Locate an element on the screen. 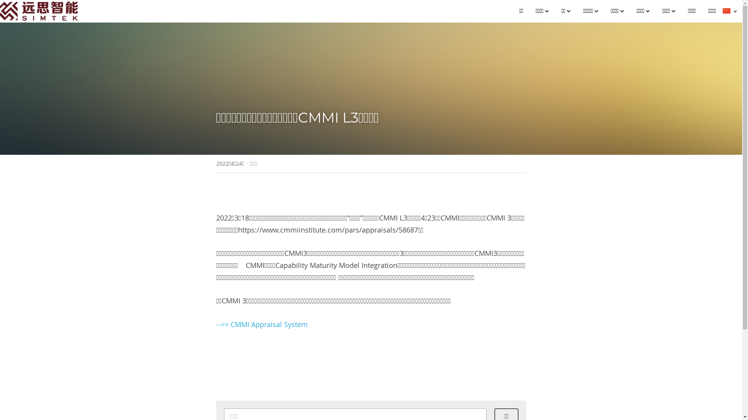 This screenshot has height=420, width=748. '-->> CMMI Appraisal System' is located at coordinates (261, 324).